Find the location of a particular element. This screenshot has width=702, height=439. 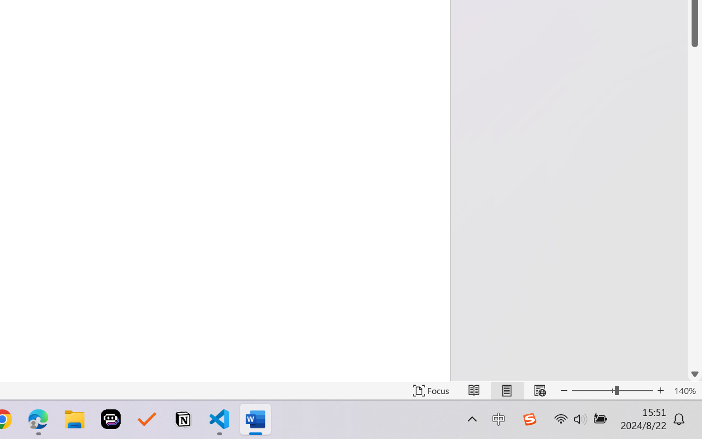

'Zoom Out' is located at coordinates (592, 390).